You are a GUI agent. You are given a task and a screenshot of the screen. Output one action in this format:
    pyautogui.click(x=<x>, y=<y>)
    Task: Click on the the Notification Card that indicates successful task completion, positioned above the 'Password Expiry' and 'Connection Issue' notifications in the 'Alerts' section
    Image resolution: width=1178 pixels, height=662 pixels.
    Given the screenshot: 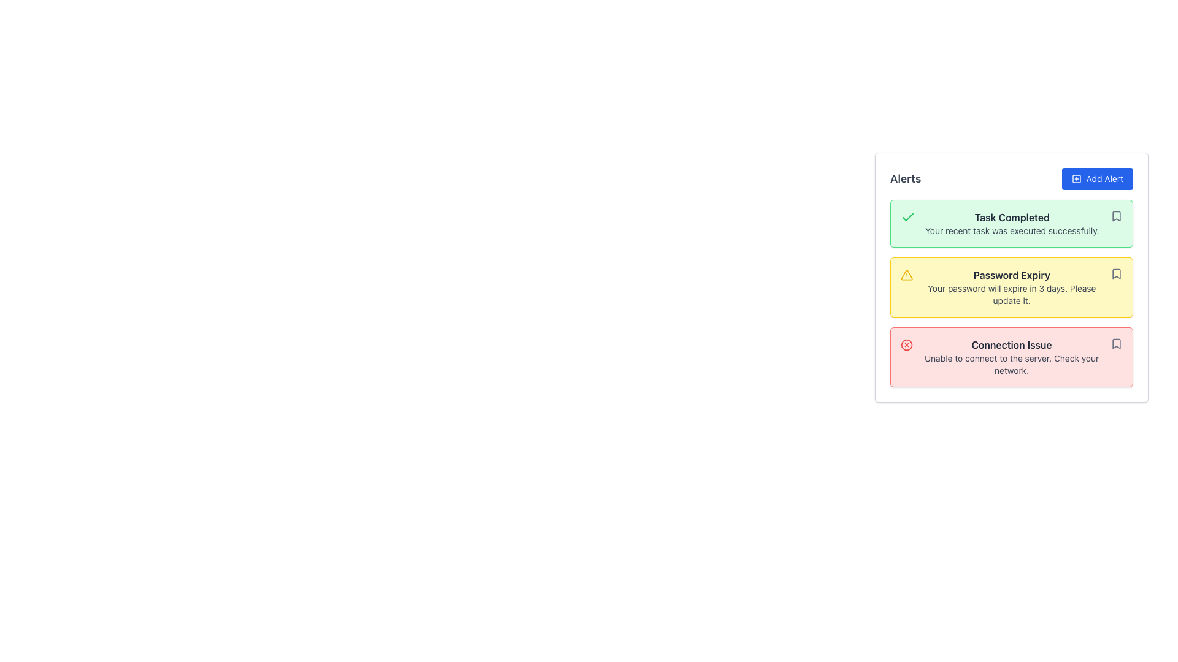 What is the action you would take?
    pyautogui.click(x=1012, y=224)
    